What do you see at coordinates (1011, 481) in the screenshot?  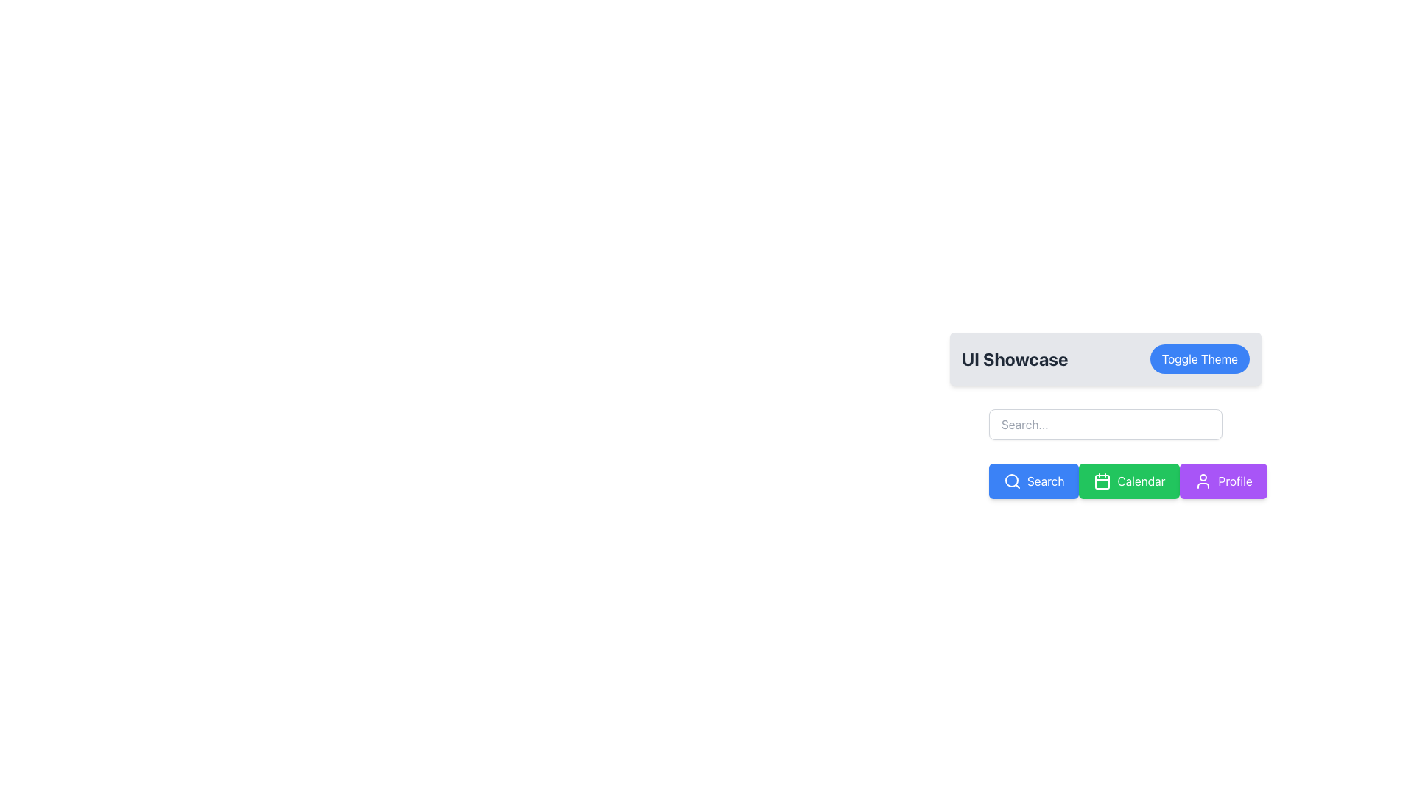 I see `the magnifying glass icon within the blue 'Search' button` at bounding box center [1011, 481].